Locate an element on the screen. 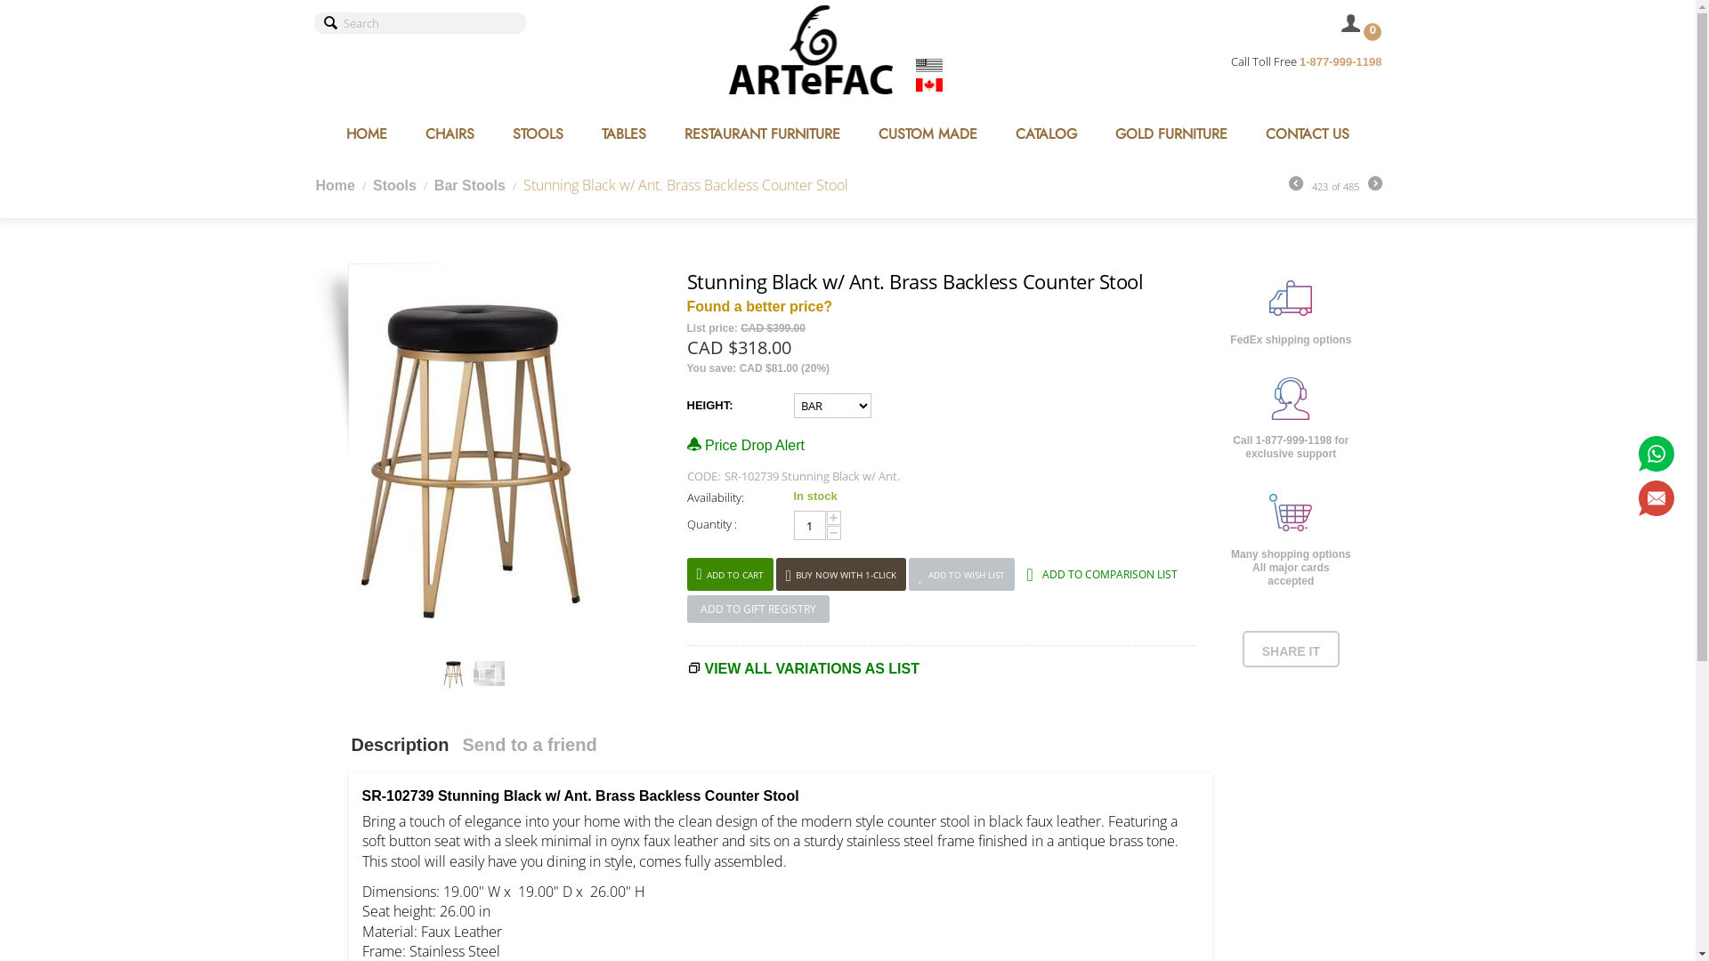  'Found a better price?' is located at coordinates (760, 305).